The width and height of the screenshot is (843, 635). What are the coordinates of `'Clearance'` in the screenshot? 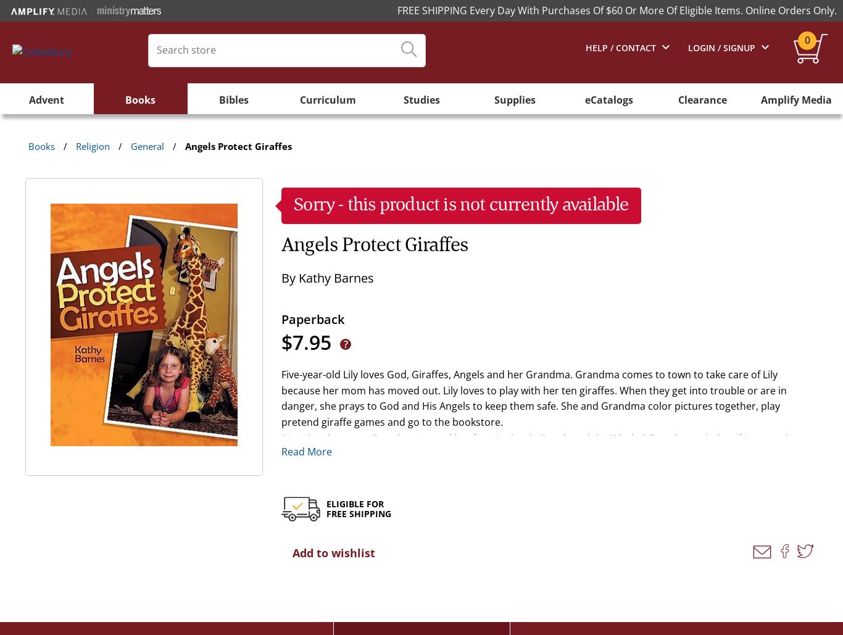 It's located at (676, 99).